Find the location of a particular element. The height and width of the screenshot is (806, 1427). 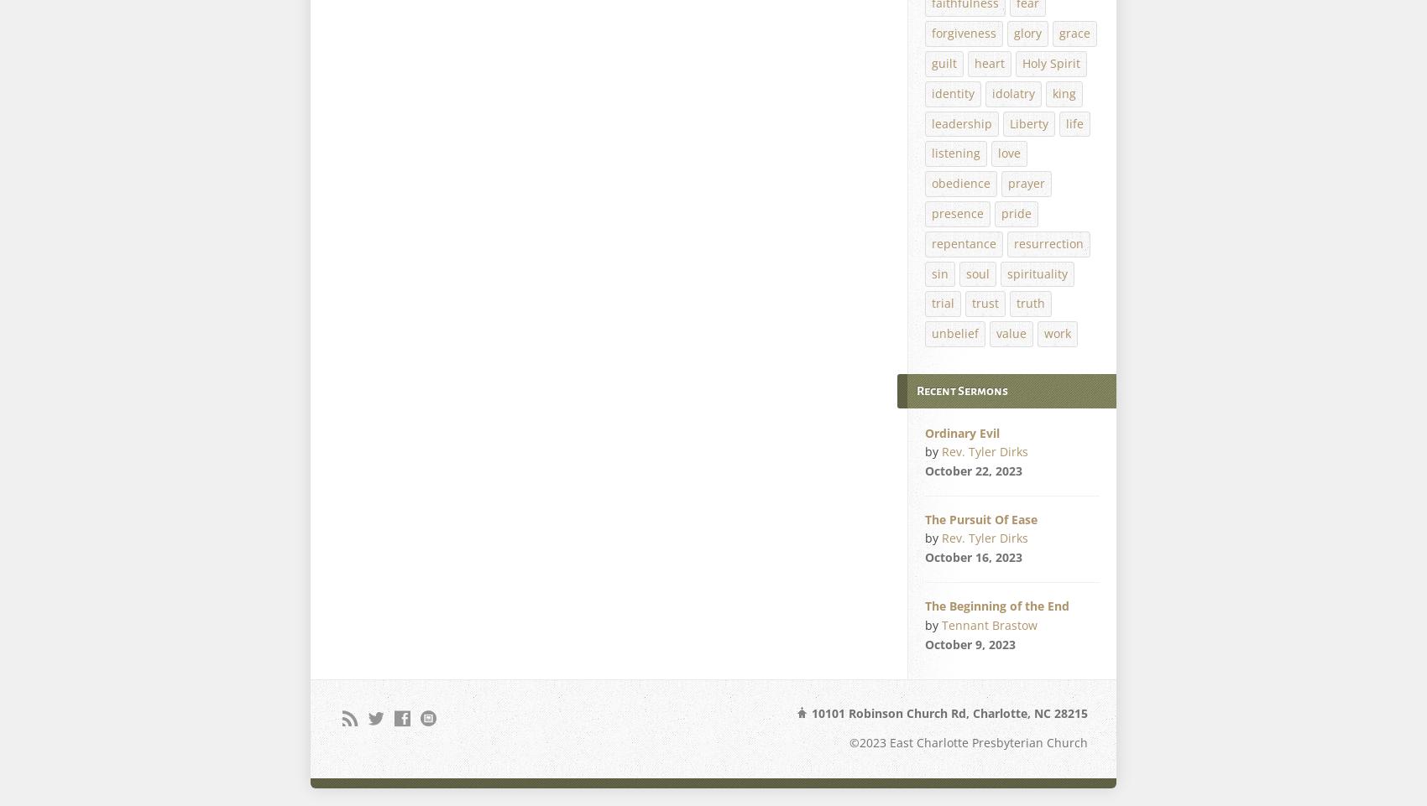

'unbelief' is located at coordinates (954, 333).